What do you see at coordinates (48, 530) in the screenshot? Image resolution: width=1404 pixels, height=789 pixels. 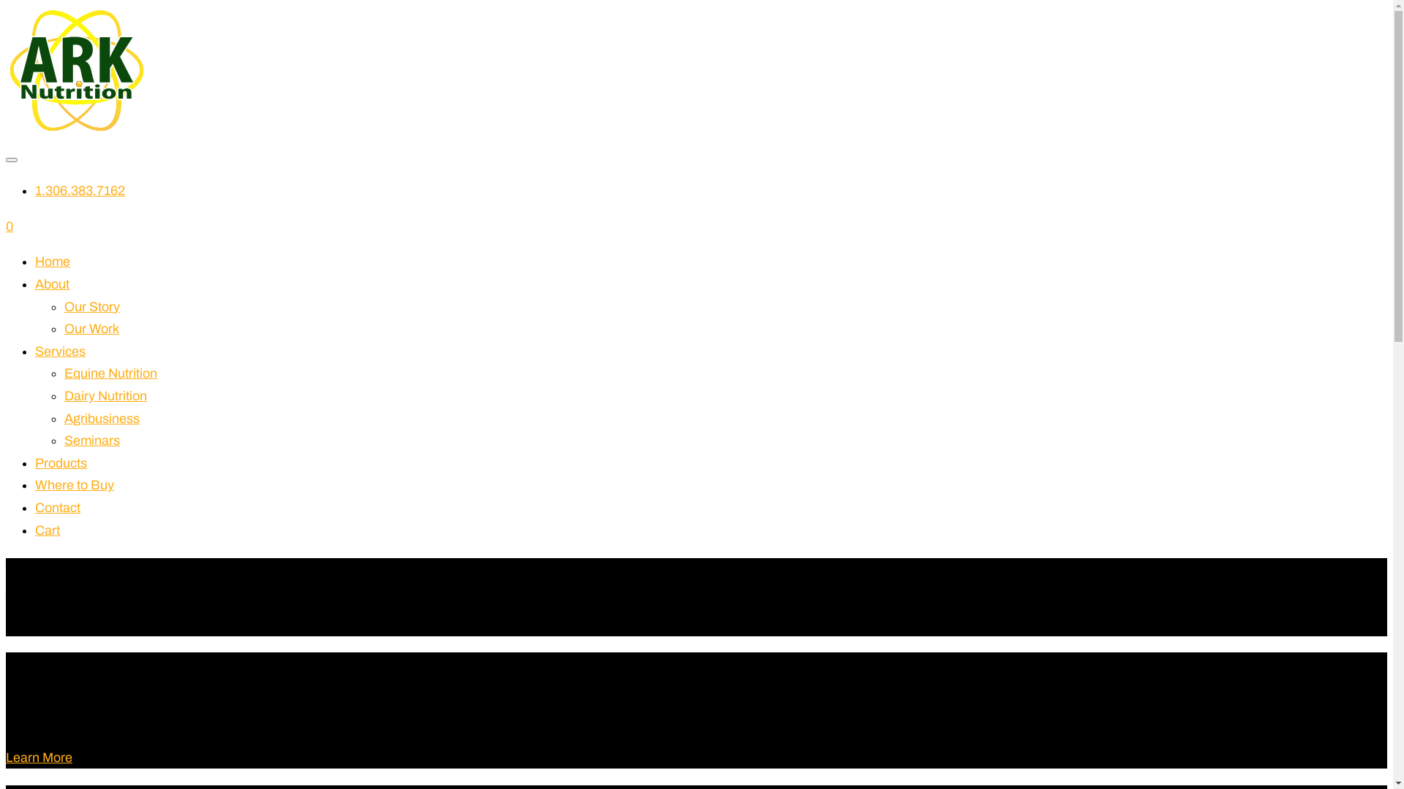 I see `'Cart'` at bounding box center [48, 530].